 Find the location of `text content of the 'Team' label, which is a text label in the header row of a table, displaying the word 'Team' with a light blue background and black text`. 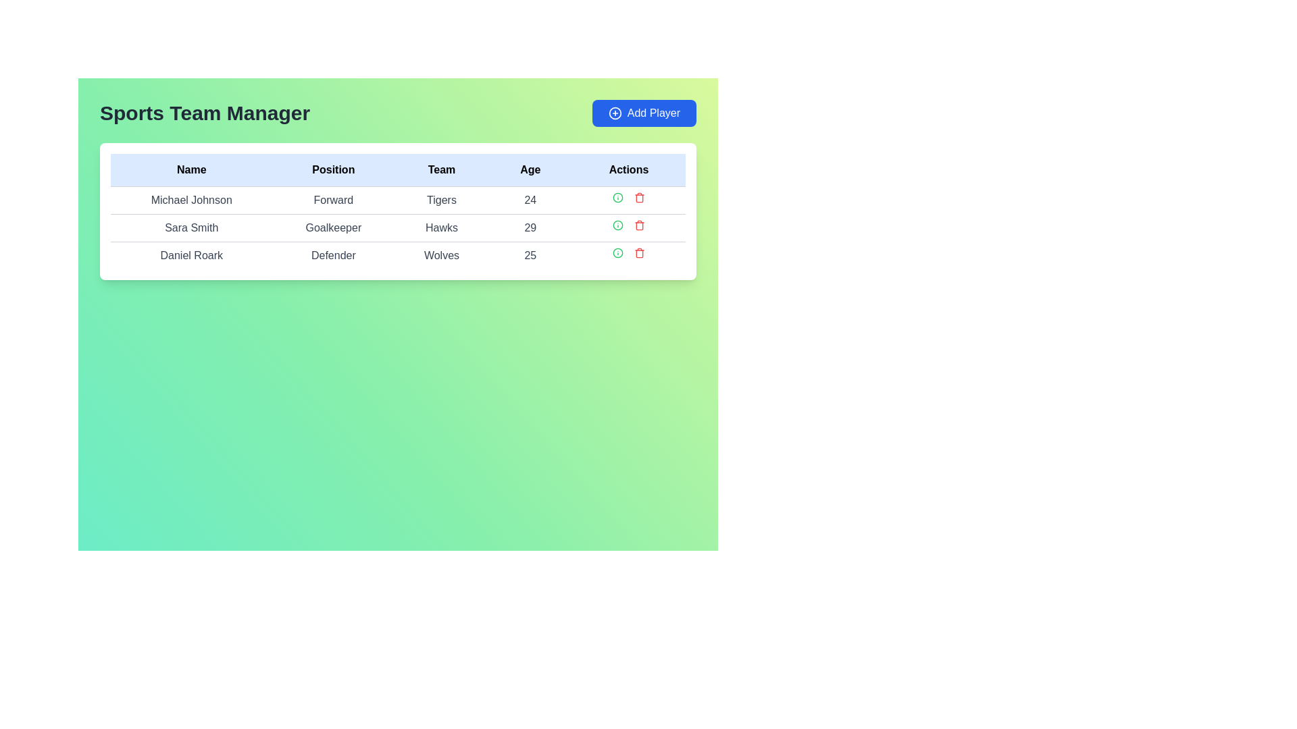

text content of the 'Team' label, which is a text label in the header row of a table, displaying the word 'Team' with a light blue background and black text is located at coordinates (441, 169).